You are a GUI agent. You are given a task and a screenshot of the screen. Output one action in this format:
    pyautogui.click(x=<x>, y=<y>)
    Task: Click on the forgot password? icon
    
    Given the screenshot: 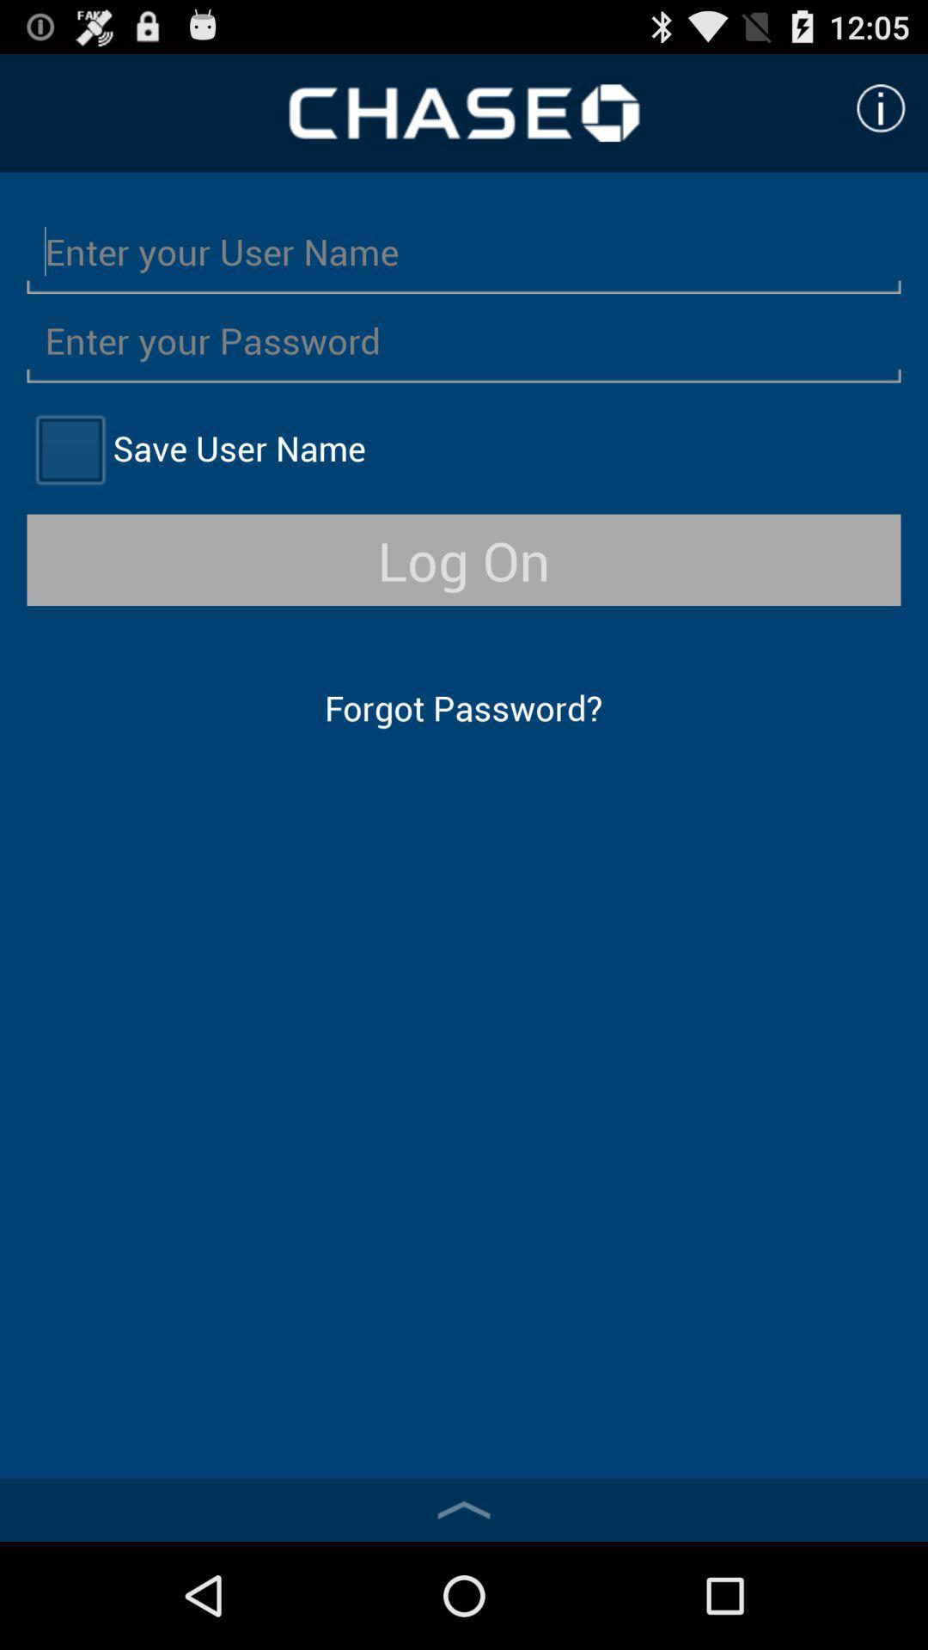 What is the action you would take?
    pyautogui.click(x=462, y=707)
    